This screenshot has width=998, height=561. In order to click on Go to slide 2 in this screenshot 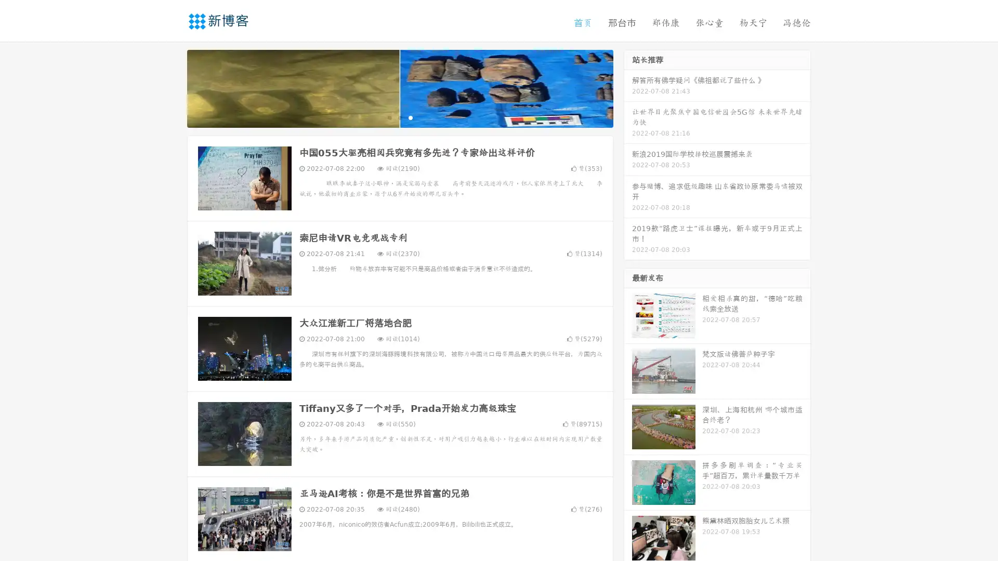, I will do `click(399, 117)`.